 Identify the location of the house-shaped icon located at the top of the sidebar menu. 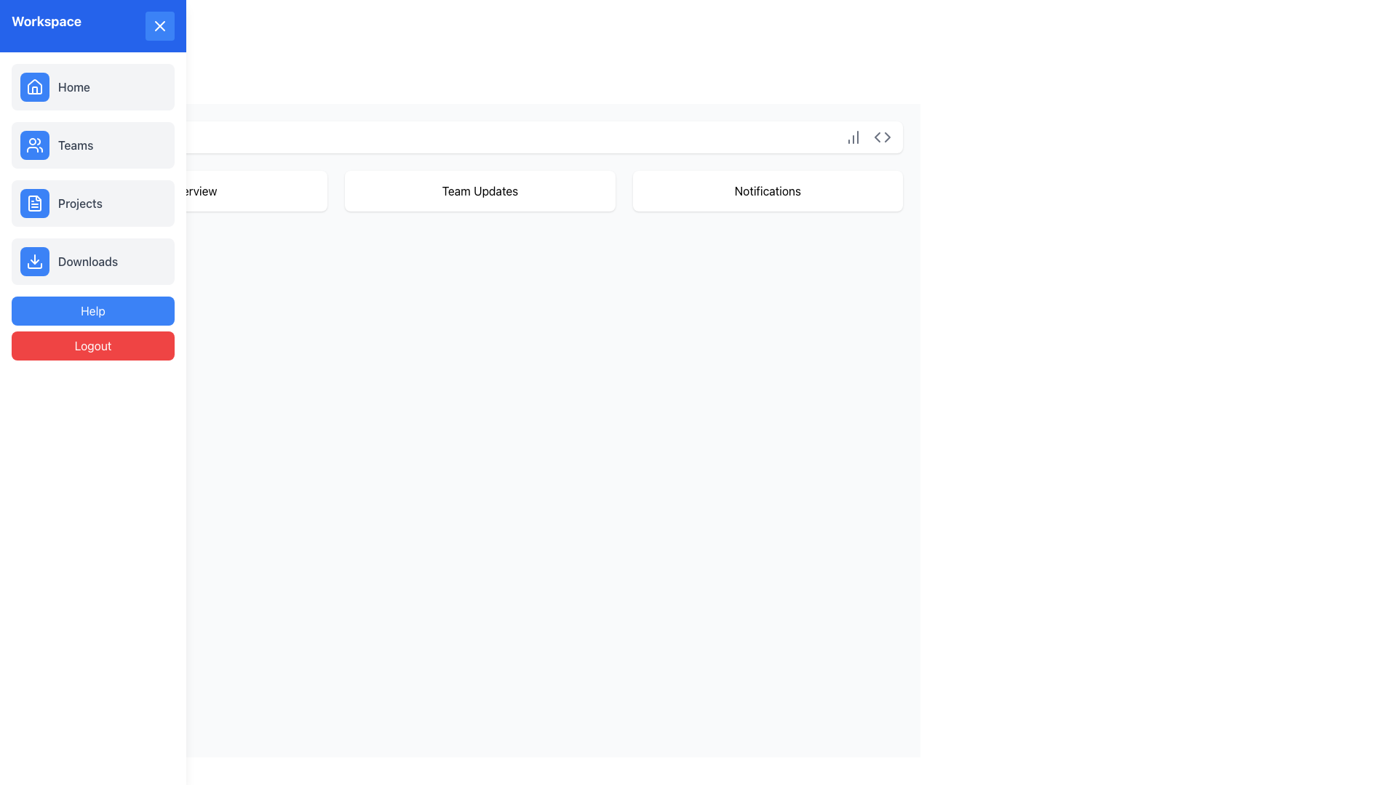
(35, 86).